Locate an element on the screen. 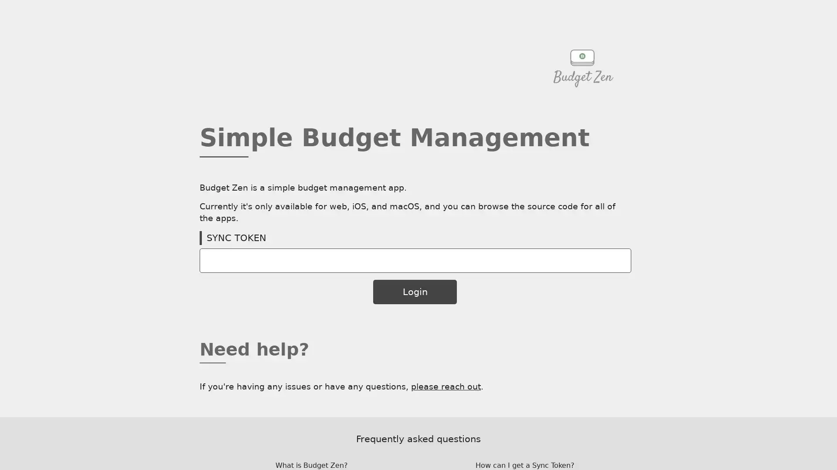 The height and width of the screenshot is (470, 837). Login is located at coordinates (414, 292).